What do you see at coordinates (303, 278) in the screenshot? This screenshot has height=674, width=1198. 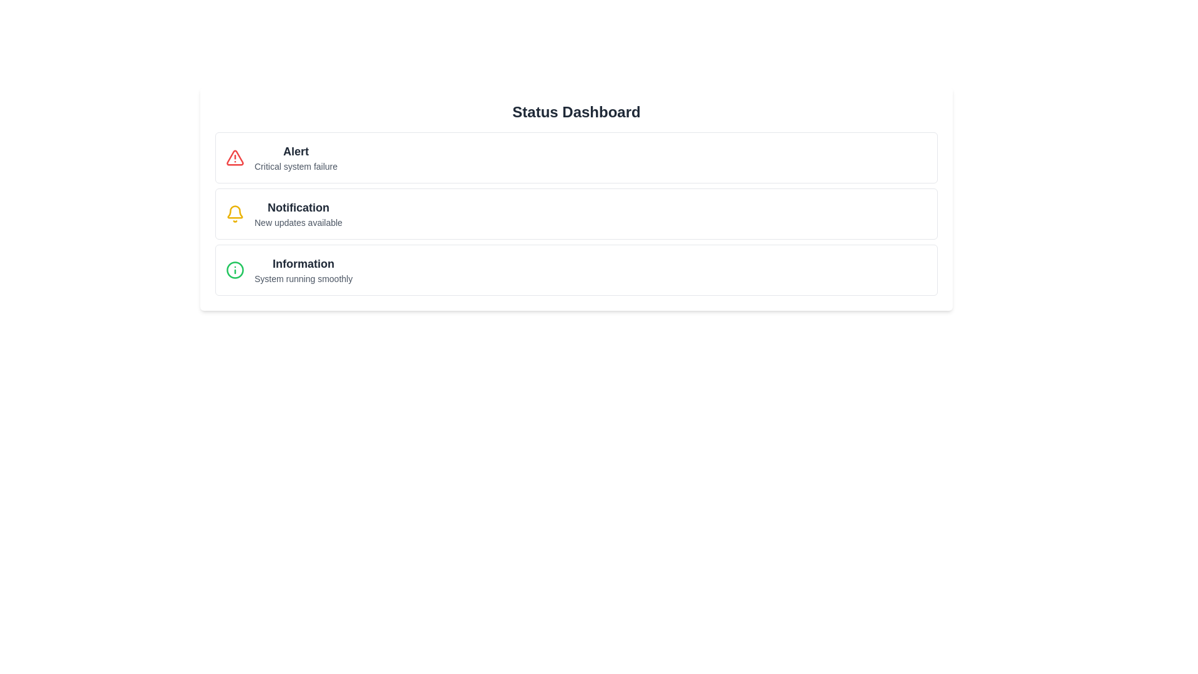 I see `the text label displaying 'System running smoothly', which is styled in gray and positioned below the 'Information' heading` at bounding box center [303, 278].